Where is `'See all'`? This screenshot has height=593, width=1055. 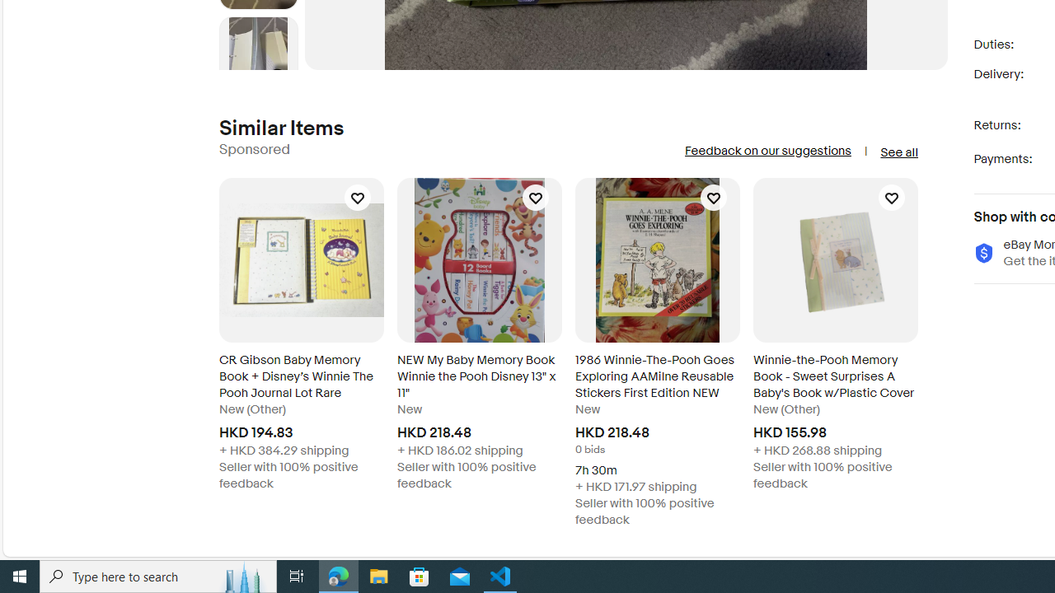 'See all' is located at coordinates (898, 152).